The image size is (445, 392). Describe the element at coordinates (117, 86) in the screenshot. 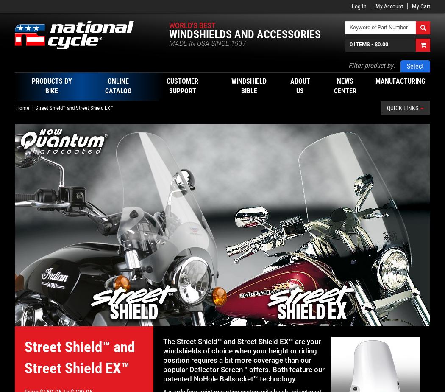

I see `'Online Catalog'` at that location.